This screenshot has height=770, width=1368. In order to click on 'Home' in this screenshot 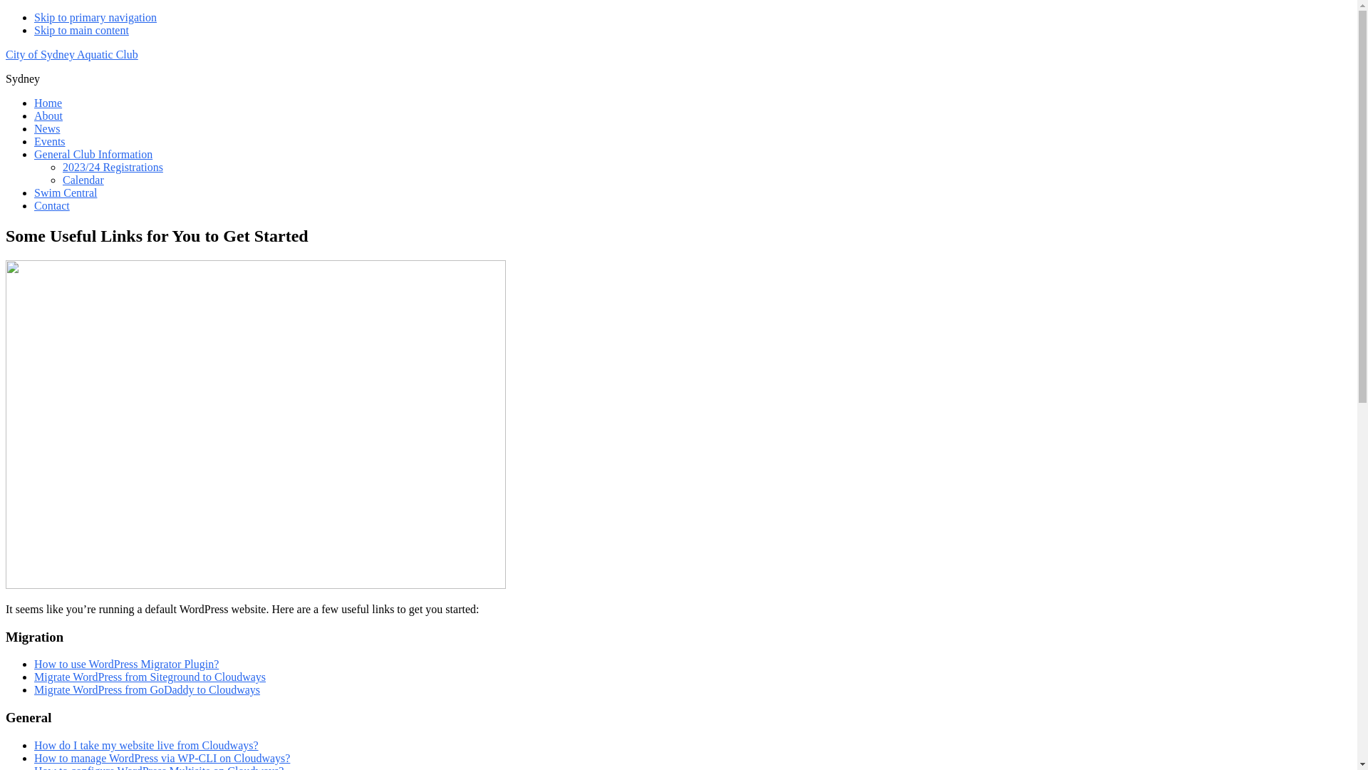, I will do `click(48, 102)`.